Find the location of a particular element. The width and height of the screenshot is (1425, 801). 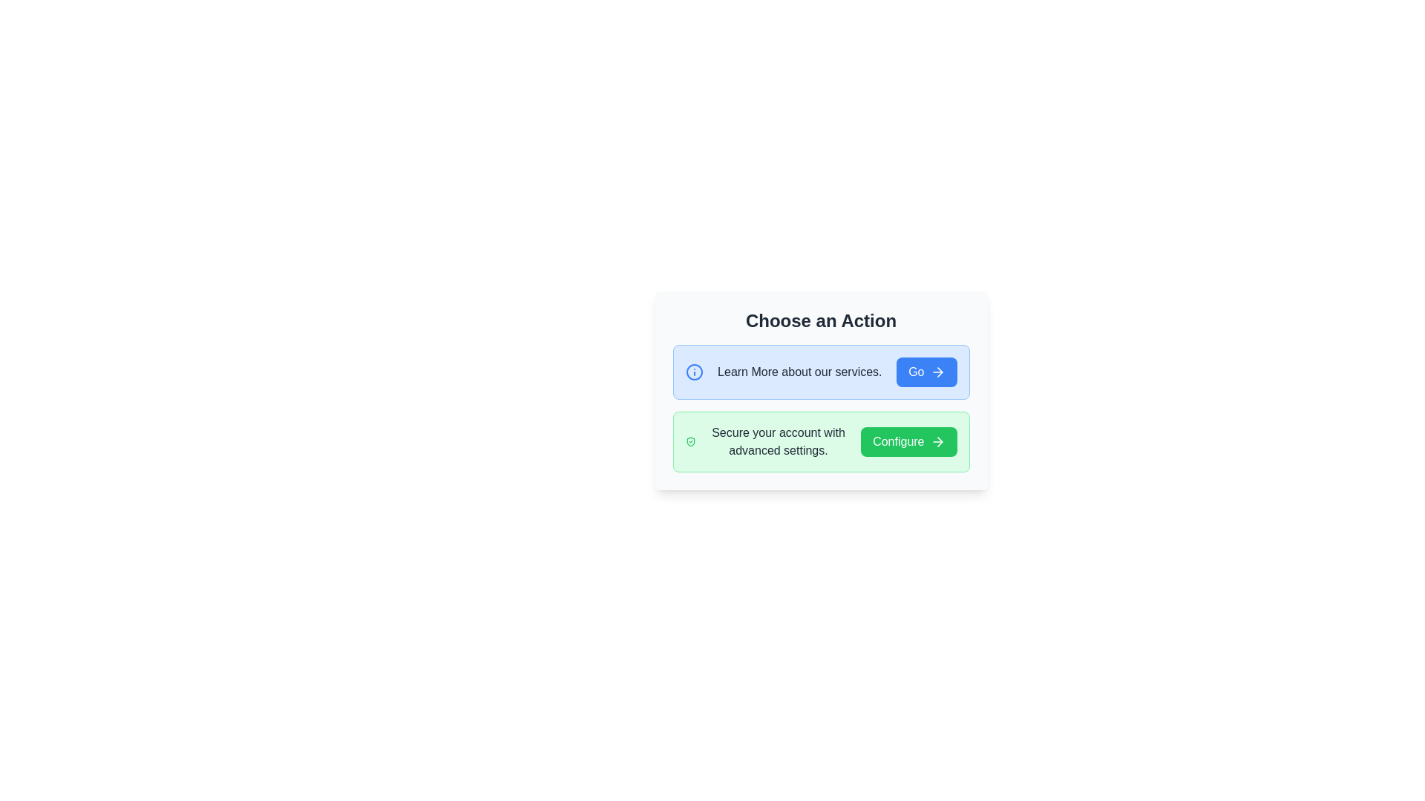

the rectangular button with a blue background and the text 'Go' is located at coordinates (926, 371).